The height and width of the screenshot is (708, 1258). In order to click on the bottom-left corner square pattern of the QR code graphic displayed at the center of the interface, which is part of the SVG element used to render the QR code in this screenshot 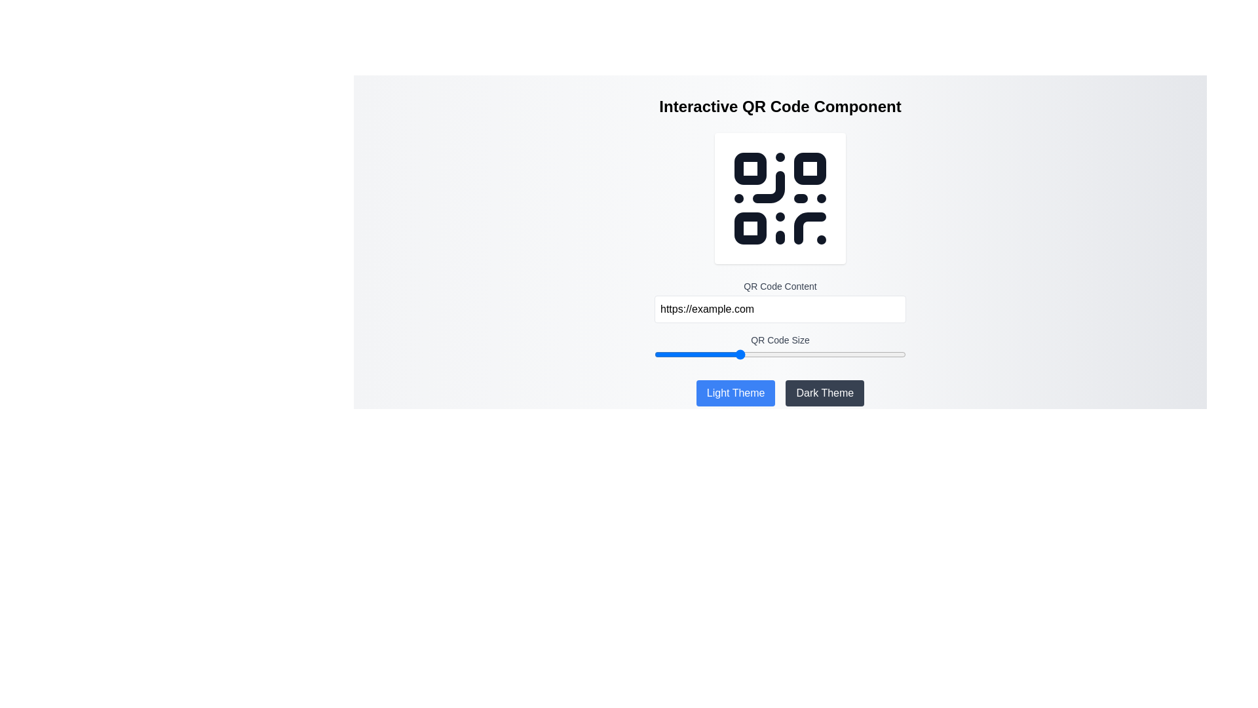, I will do `click(750, 227)`.